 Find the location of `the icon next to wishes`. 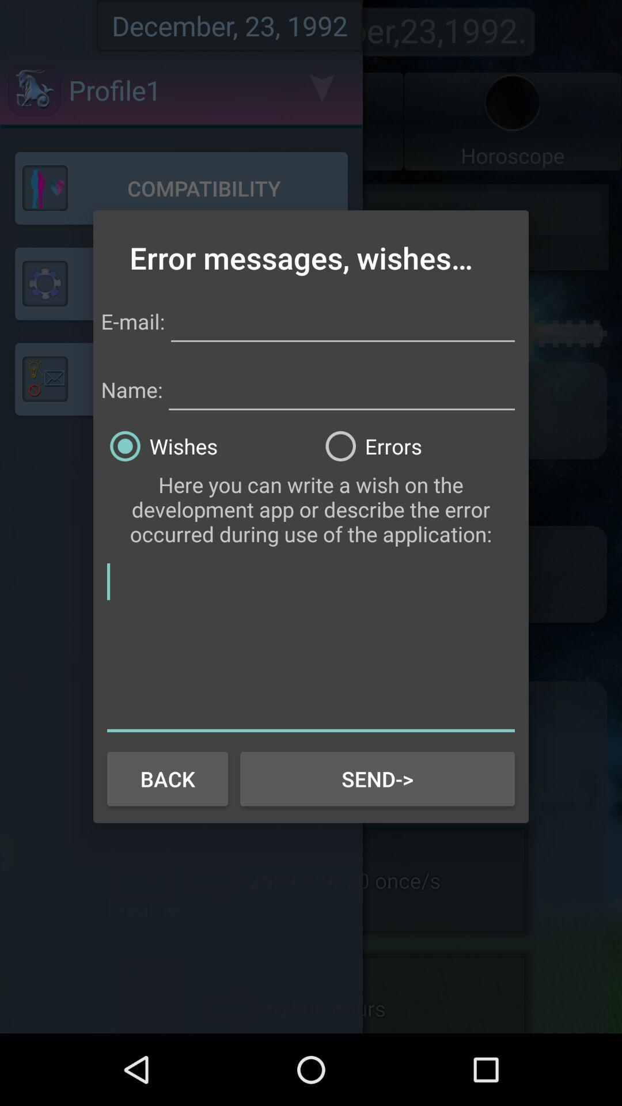

the icon next to wishes is located at coordinates (419, 445).